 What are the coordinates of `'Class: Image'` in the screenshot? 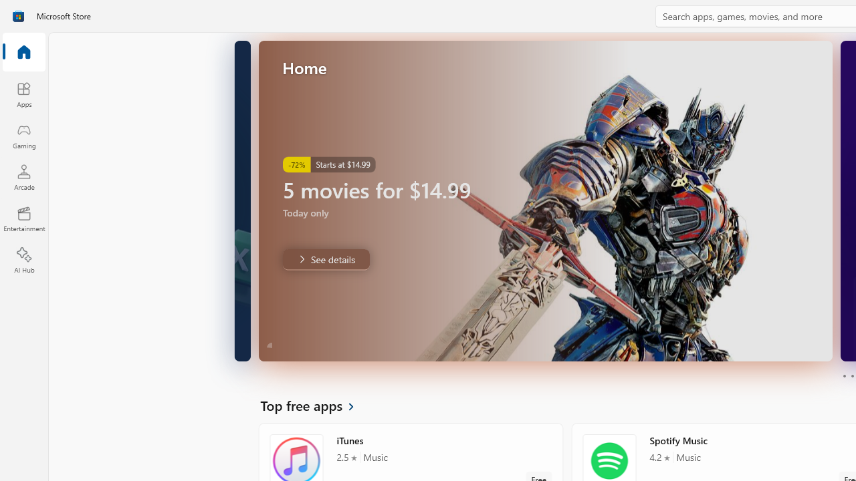 It's located at (18, 16).